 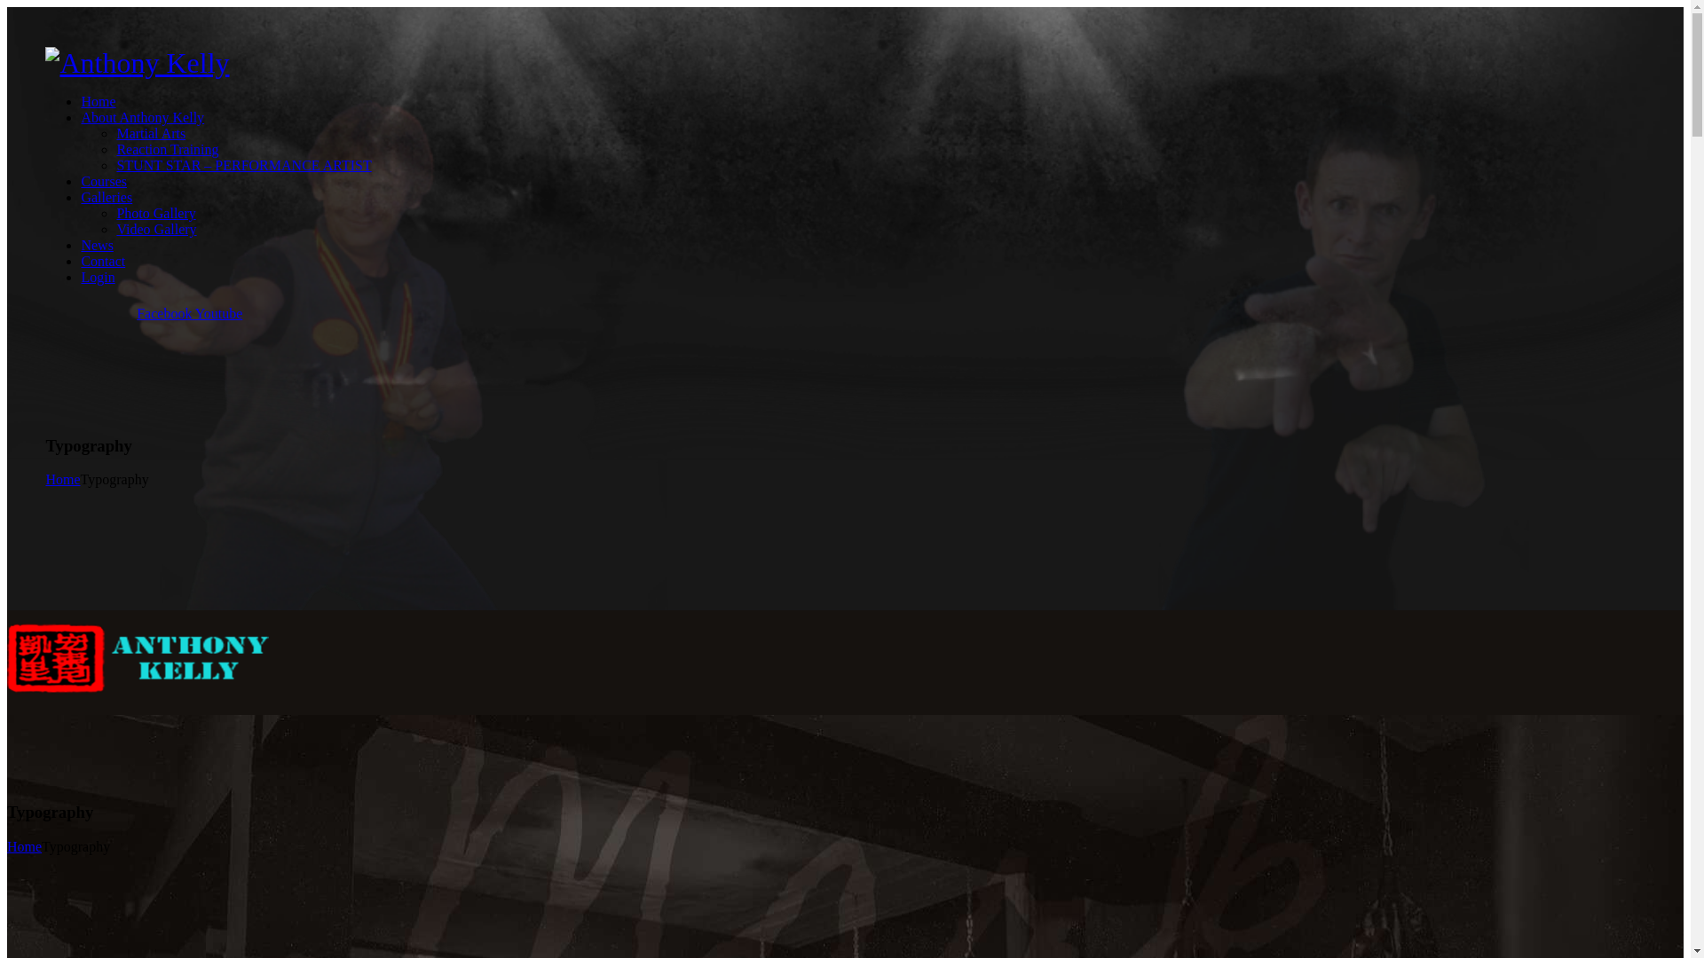 I want to click on 'Contact', so click(x=101, y=261).